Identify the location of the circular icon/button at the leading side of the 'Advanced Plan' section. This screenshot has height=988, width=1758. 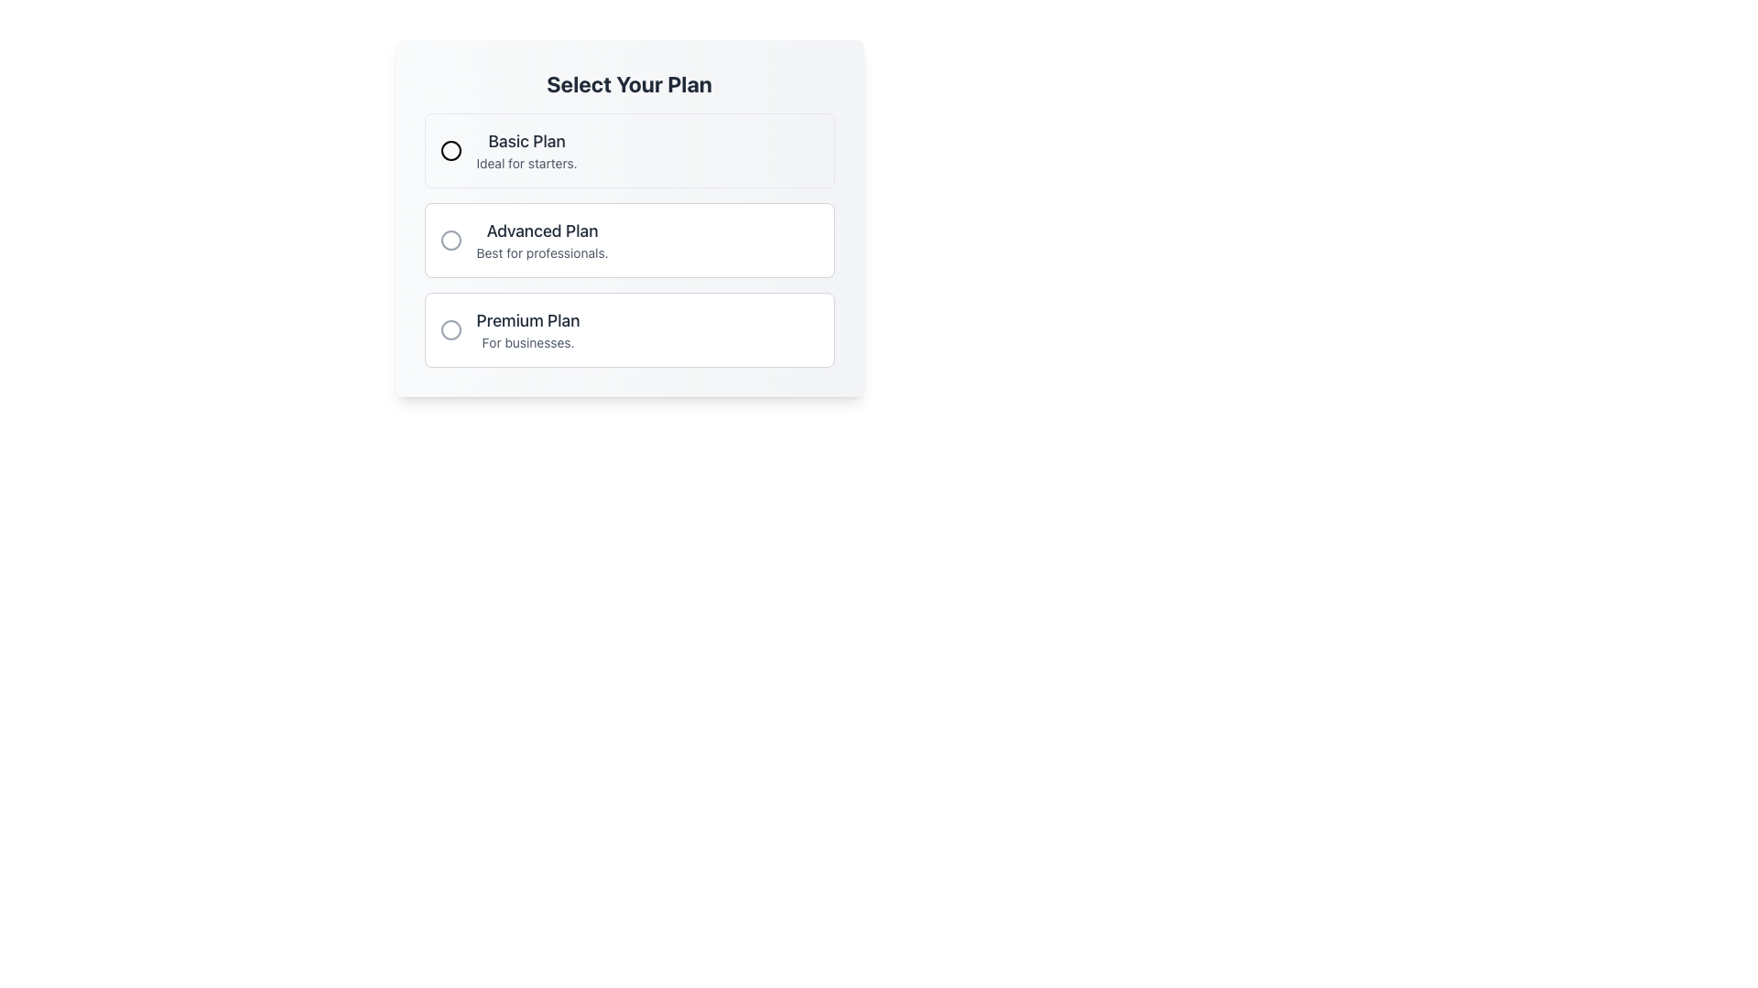
(450, 239).